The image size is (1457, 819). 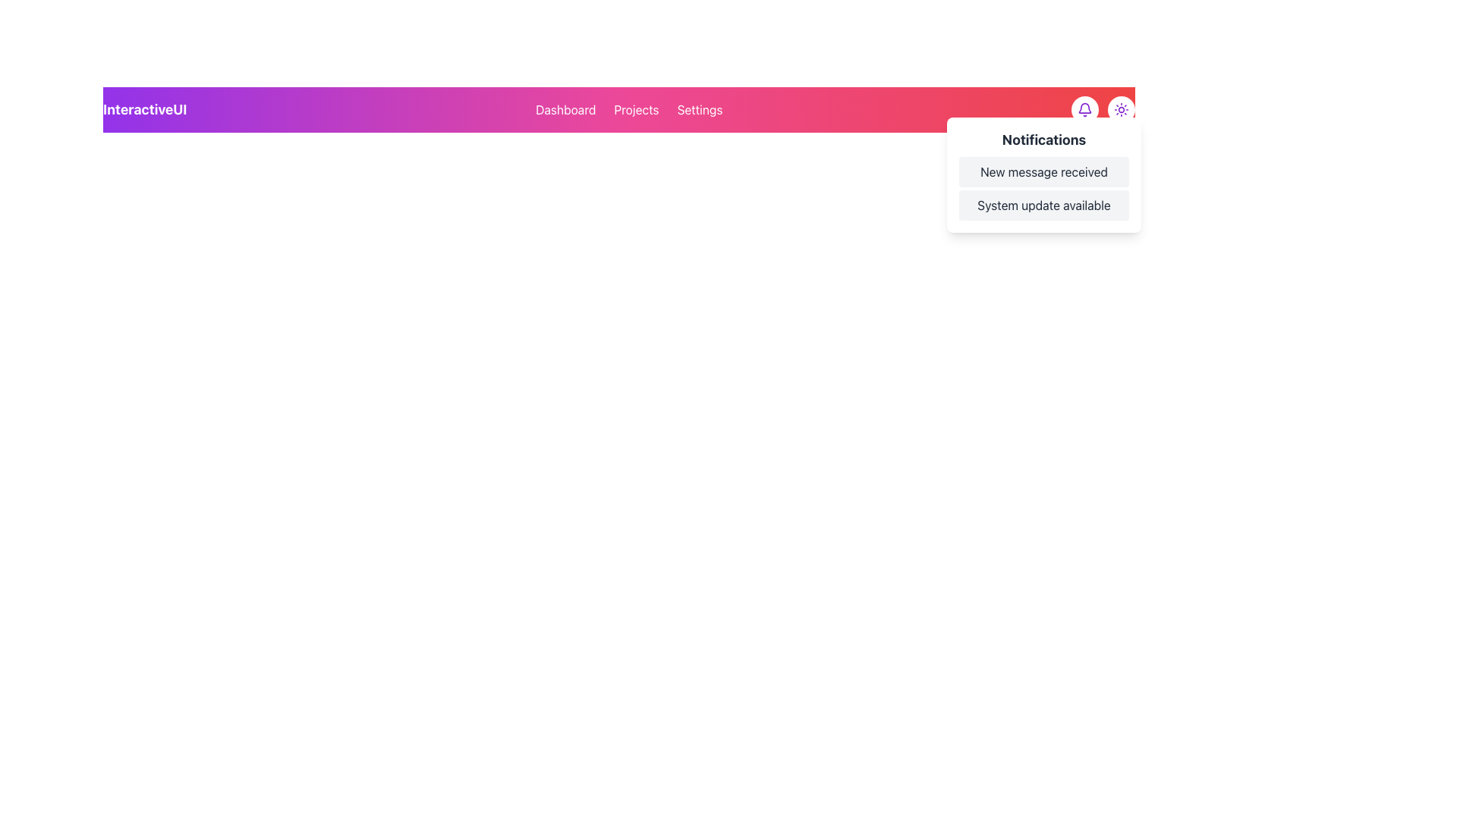 I want to click on the status of the bell icon within the notification area located at the top-right corner of the interface, so click(x=1084, y=107).